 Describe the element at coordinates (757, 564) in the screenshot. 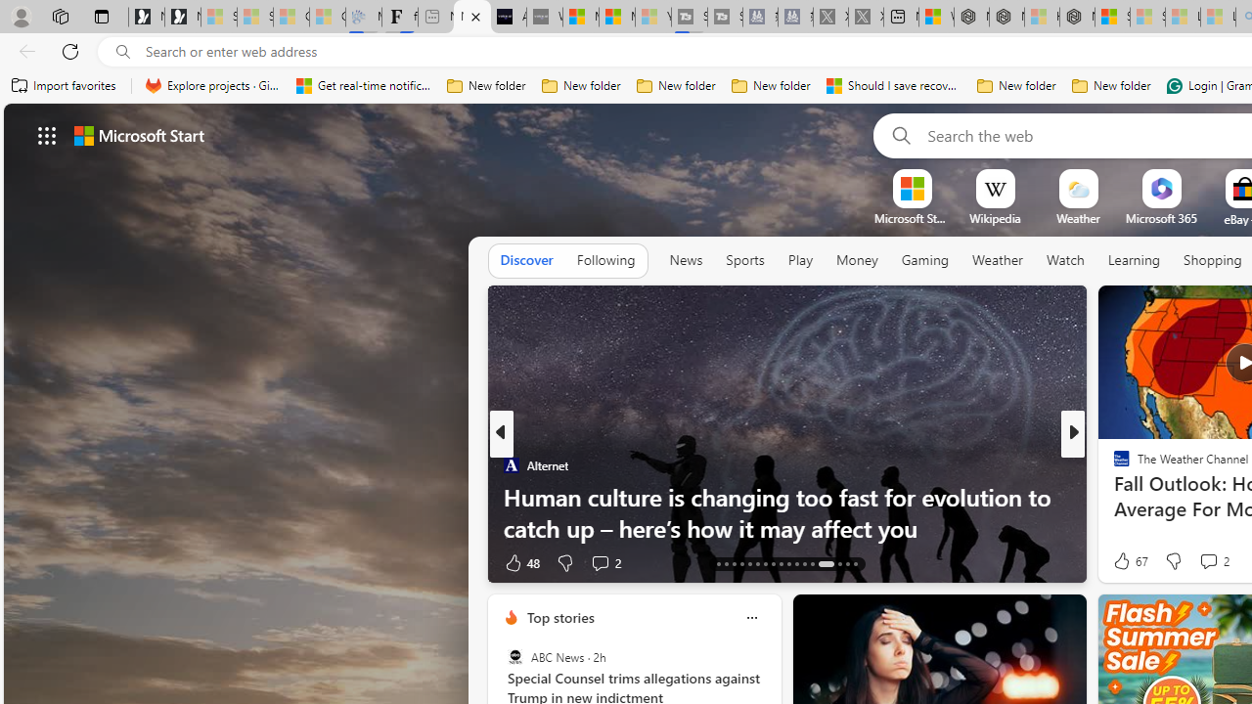

I see `'AutomationID: tab-22'` at that location.